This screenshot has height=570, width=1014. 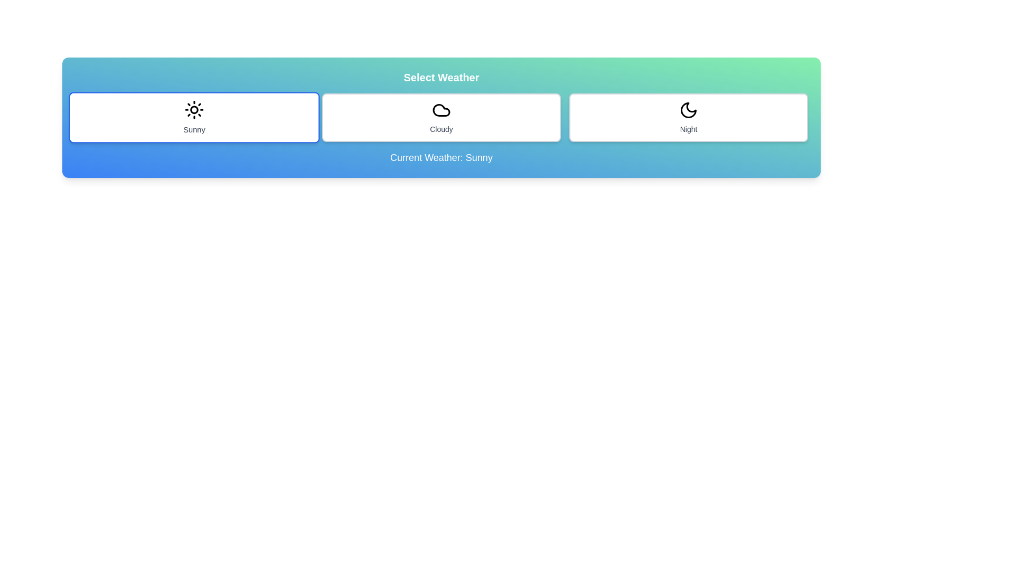 I want to click on the button corresponding to the desired weather option, Sunny, so click(x=194, y=118).